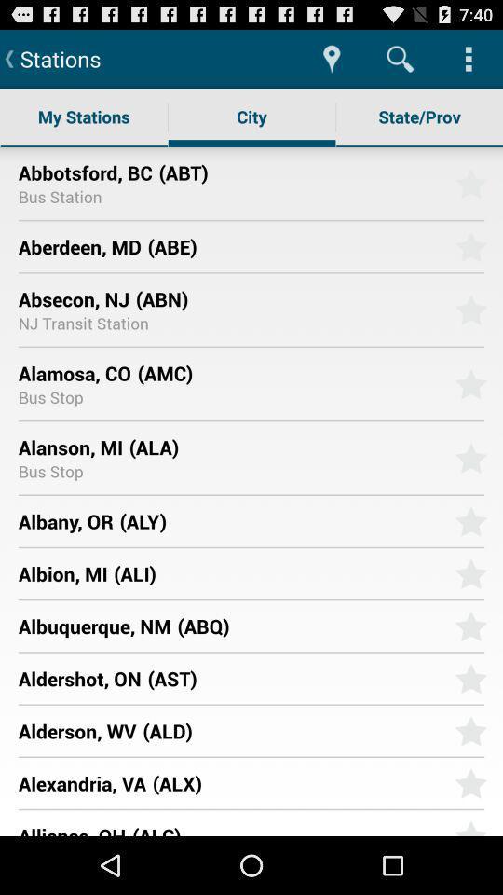 The image size is (503, 895). Describe the element at coordinates (297, 783) in the screenshot. I see `(alx) icon` at that location.